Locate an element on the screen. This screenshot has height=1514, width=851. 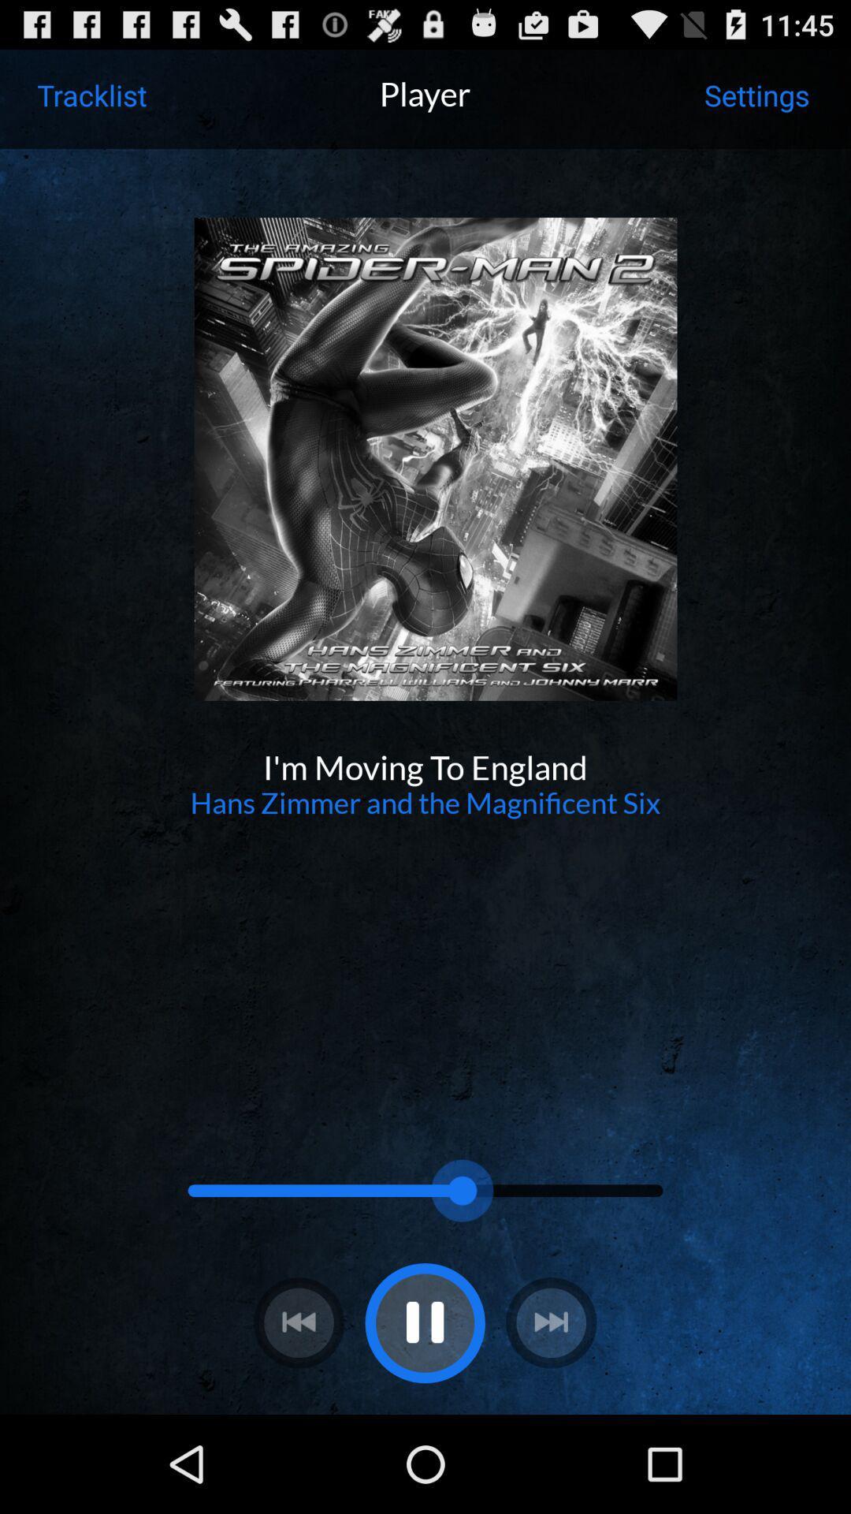
pause music is located at coordinates (424, 1323).